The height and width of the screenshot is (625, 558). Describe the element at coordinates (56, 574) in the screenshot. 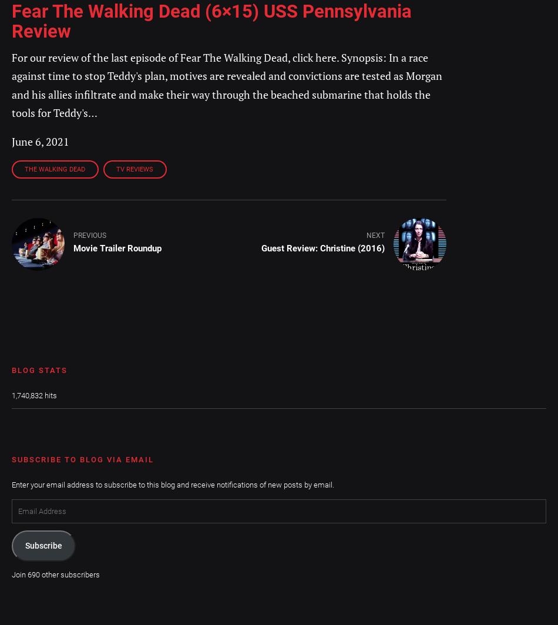

I see `'Join 690 other subscribers'` at that location.